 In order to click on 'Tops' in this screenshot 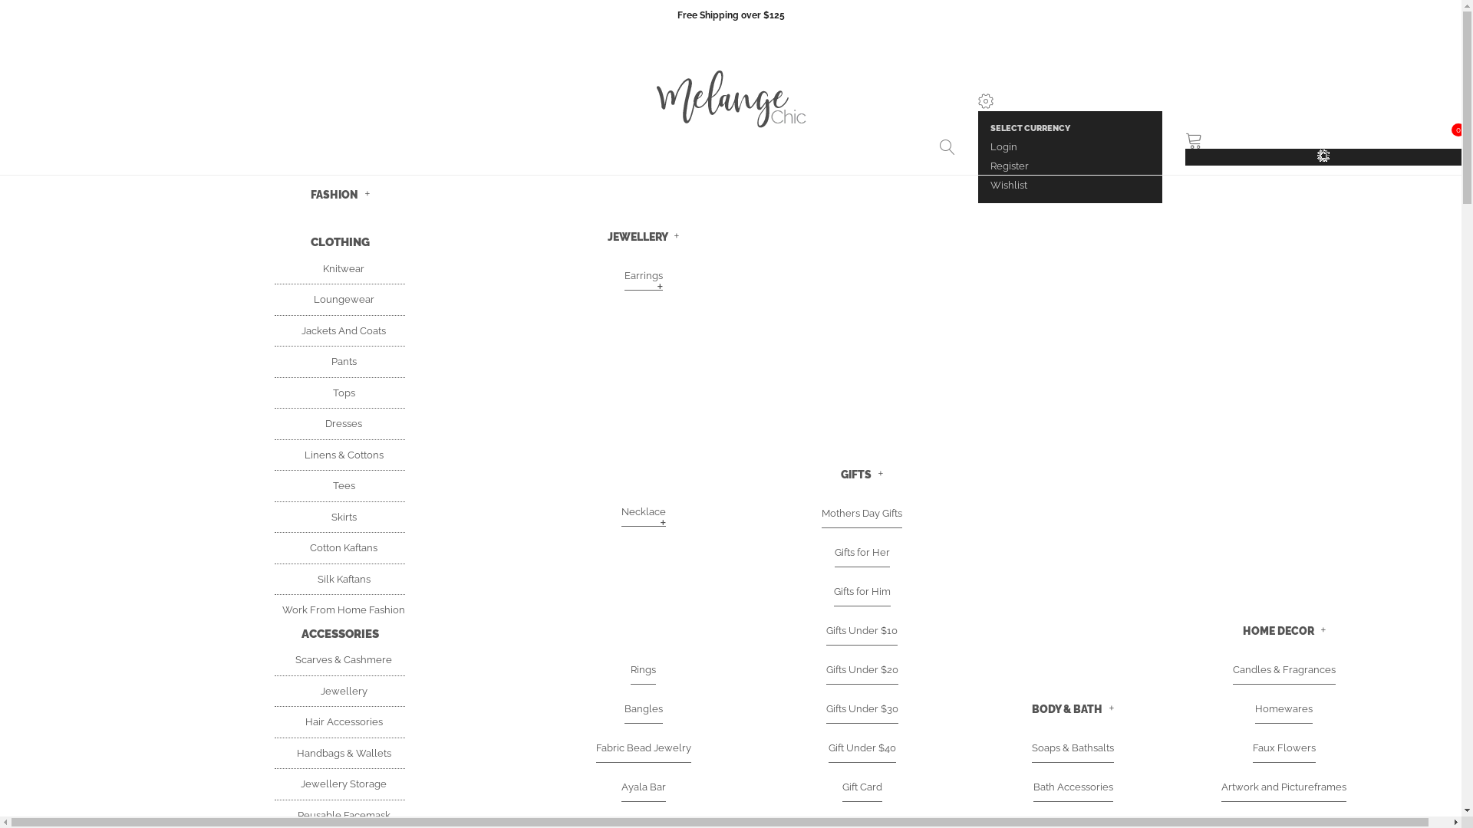, I will do `click(339, 392)`.